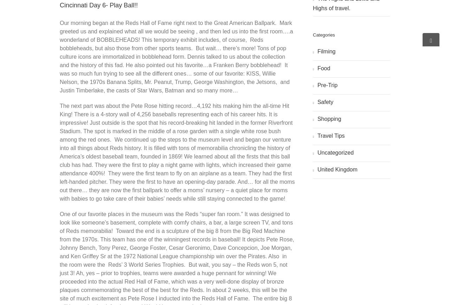 The height and width of the screenshot is (305, 450). What do you see at coordinates (317, 85) in the screenshot?
I see `'Pre-Trip'` at bounding box center [317, 85].